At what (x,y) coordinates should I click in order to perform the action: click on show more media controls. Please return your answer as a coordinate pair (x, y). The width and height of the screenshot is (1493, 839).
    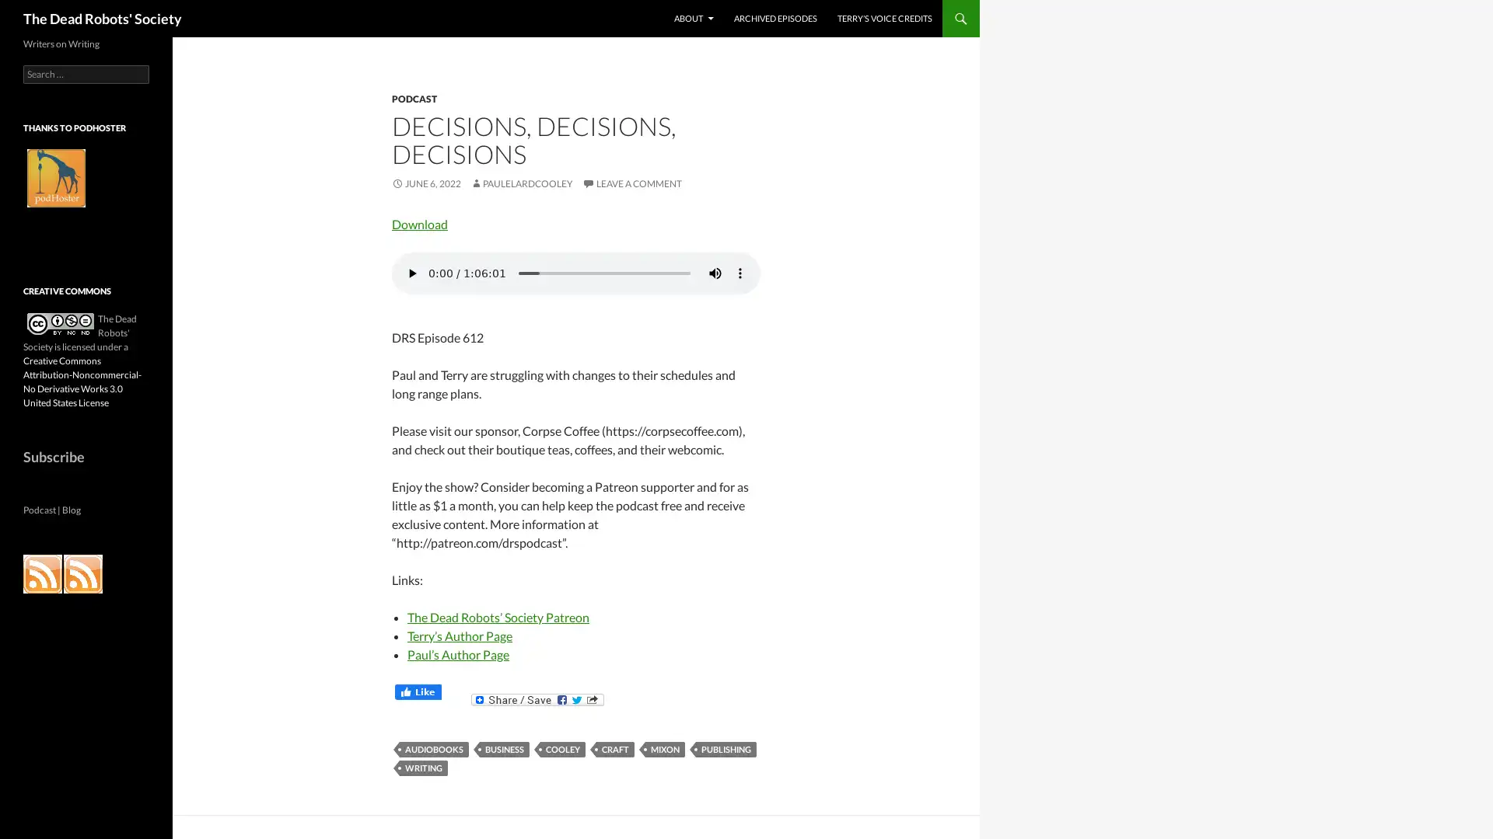
    Looking at the image, I should click on (739, 272).